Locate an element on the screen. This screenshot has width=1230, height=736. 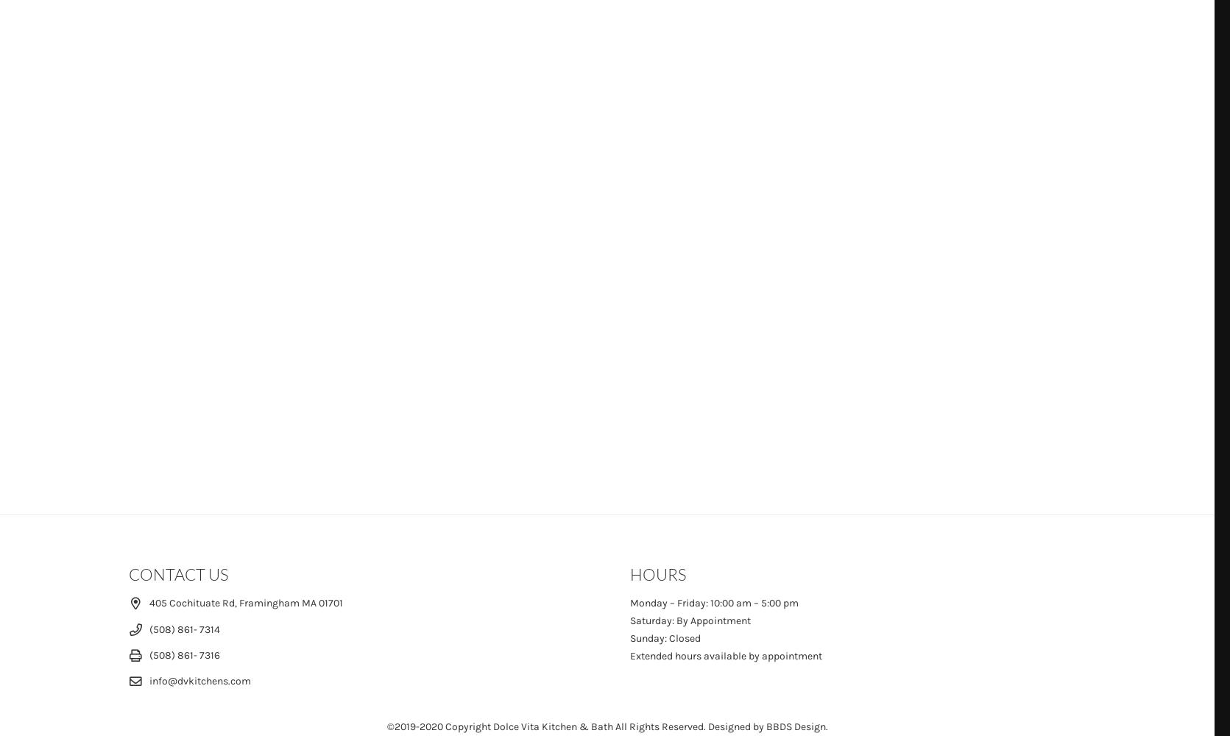
'Monday – Friday: 10:00 am – 5:00 pm' is located at coordinates (714, 602).